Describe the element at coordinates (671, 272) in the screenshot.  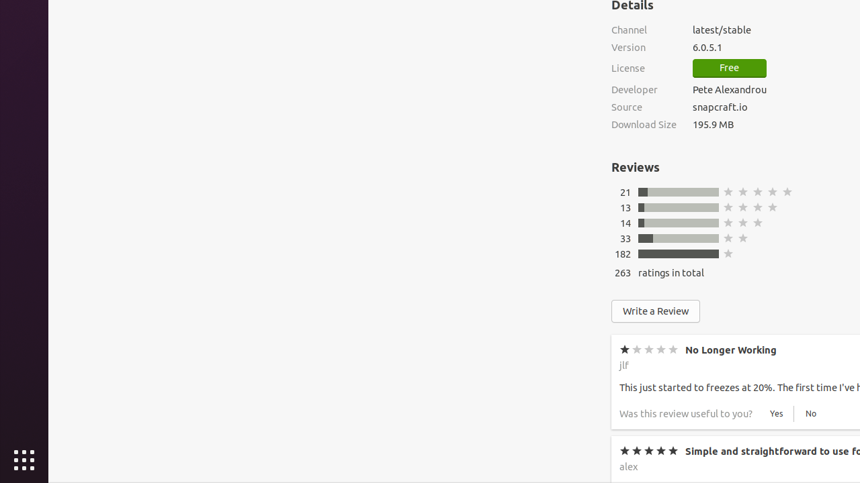
I see `'ratings in total'` at that location.